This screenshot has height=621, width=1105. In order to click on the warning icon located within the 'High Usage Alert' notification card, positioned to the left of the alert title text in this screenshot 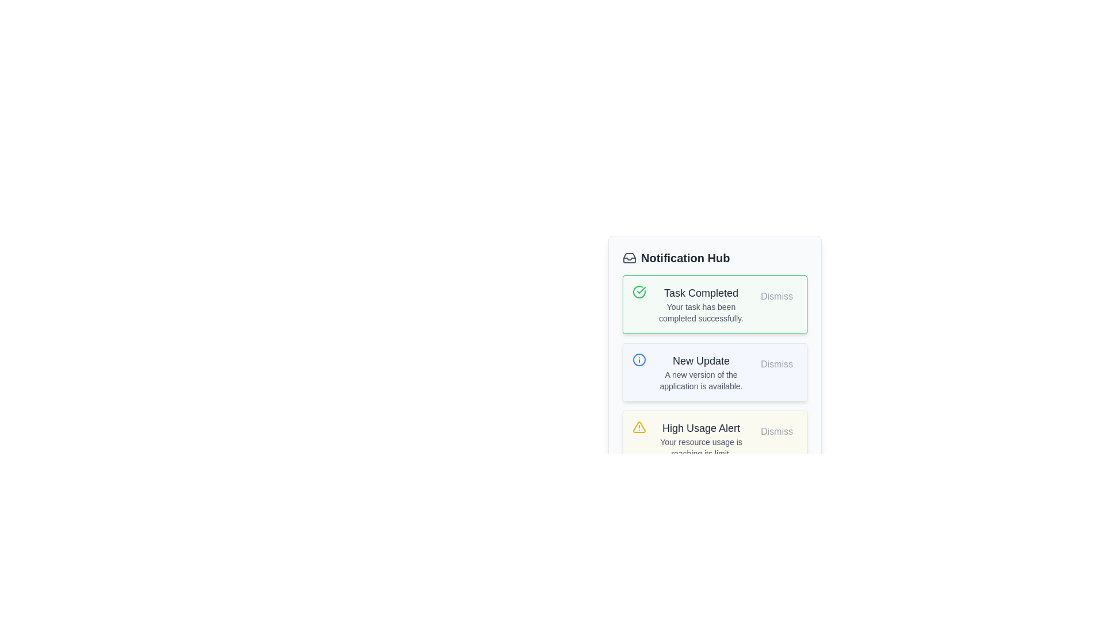, I will do `click(638, 427)`.